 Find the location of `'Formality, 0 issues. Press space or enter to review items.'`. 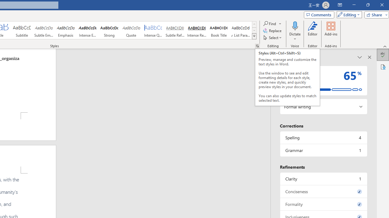

'Formality, 0 issues. Press space or enter to review items.' is located at coordinates (323, 204).